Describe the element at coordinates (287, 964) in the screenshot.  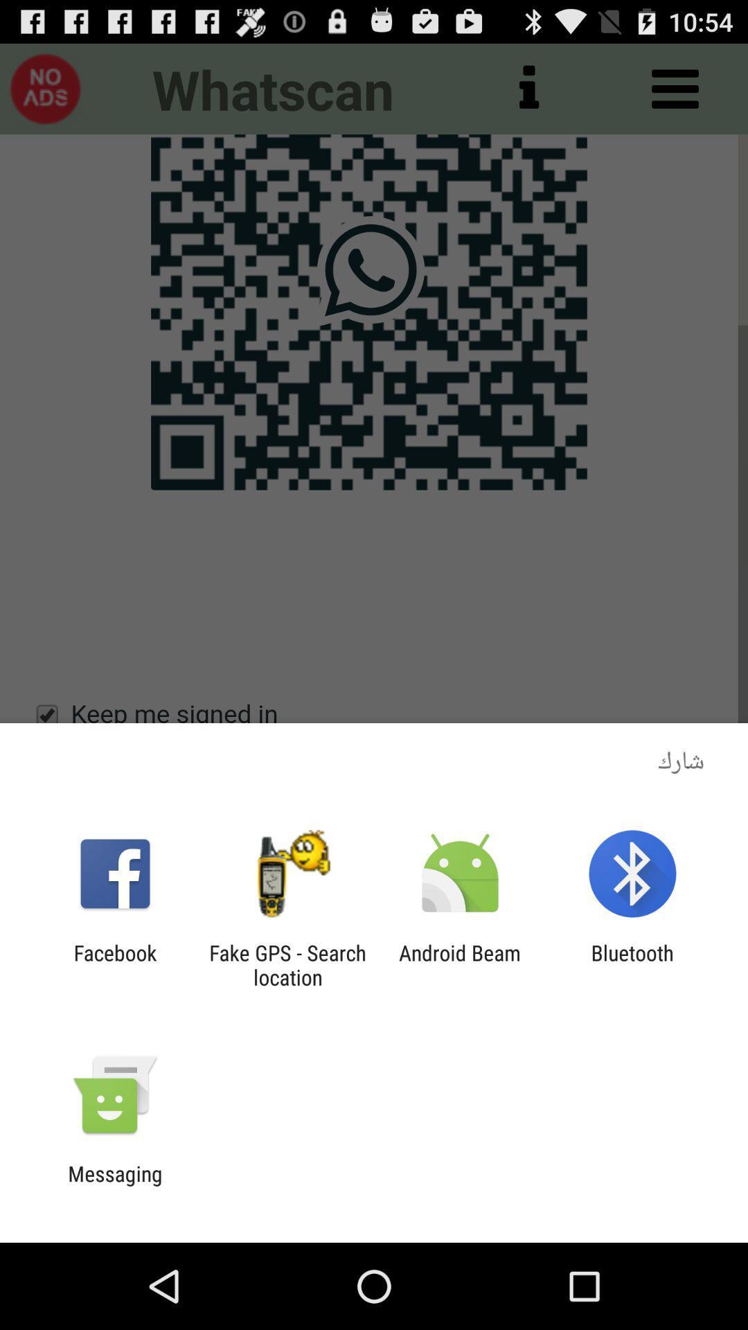
I see `the fake gps search item` at that location.